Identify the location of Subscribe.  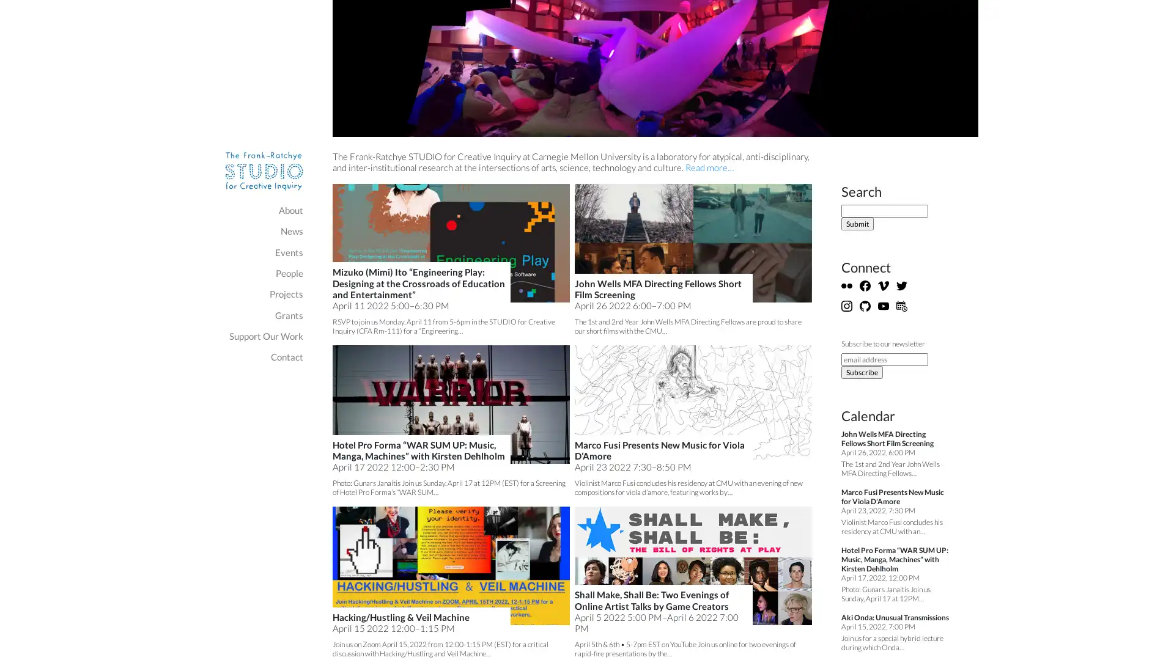
(862, 372).